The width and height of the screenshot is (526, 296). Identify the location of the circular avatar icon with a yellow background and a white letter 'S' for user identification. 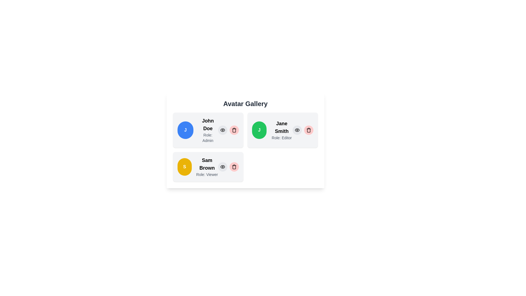
(184, 167).